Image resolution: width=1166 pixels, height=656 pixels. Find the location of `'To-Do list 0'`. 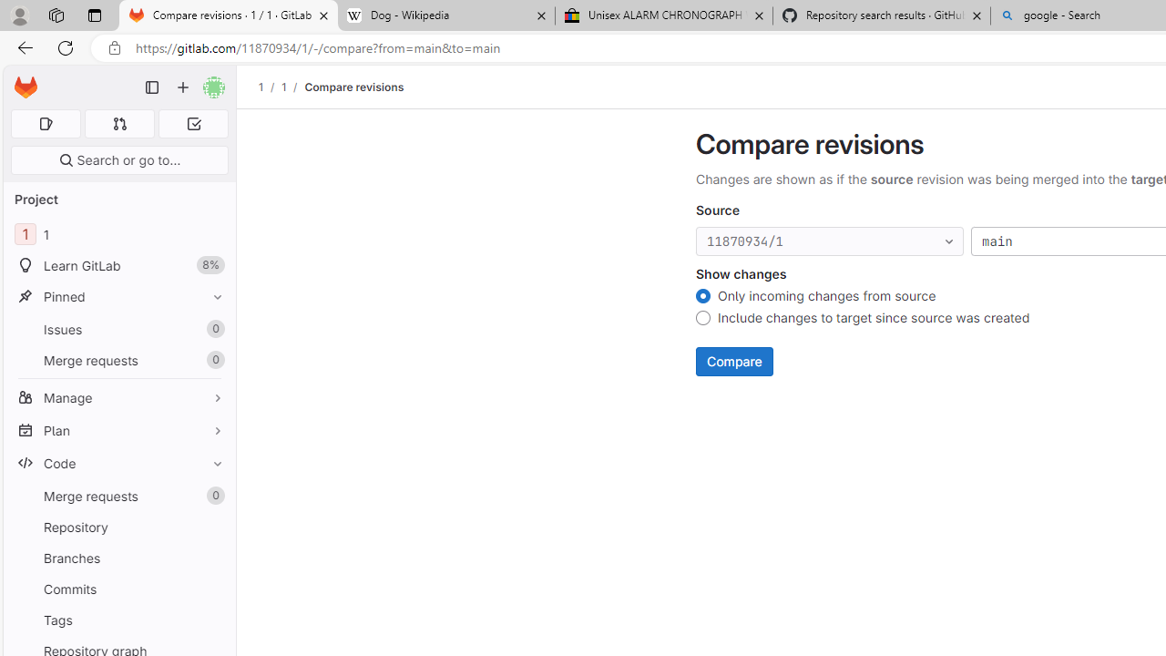

'To-Do list 0' is located at coordinates (193, 123).